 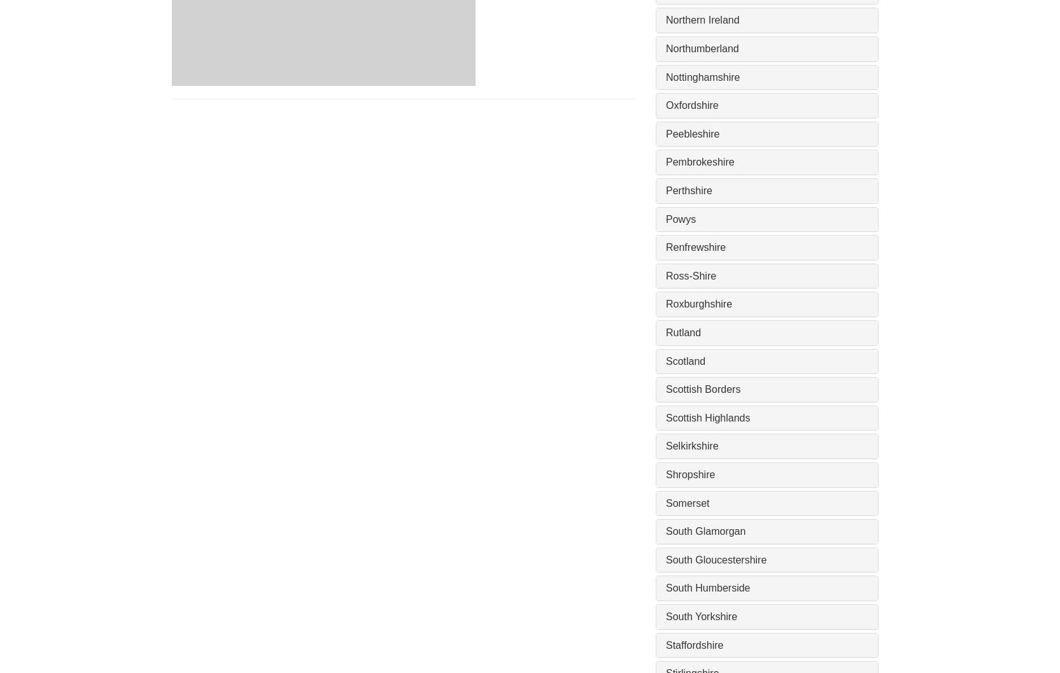 I want to click on 'Peebleshire', so click(x=665, y=133).